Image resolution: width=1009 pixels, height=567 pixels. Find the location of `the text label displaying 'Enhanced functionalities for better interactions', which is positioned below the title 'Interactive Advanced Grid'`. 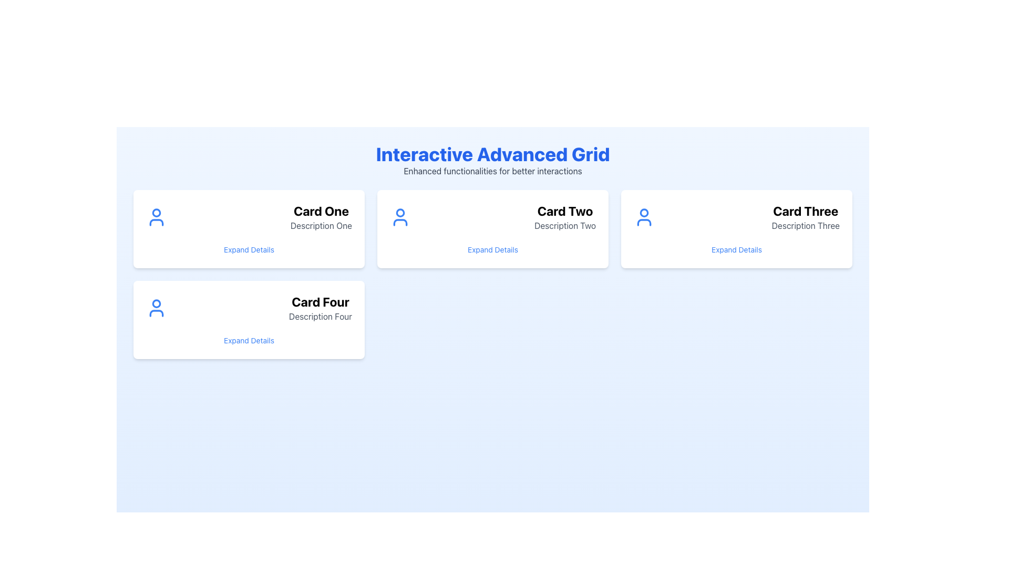

the text label displaying 'Enhanced functionalities for better interactions', which is positioned below the title 'Interactive Advanced Grid' is located at coordinates (492, 171).